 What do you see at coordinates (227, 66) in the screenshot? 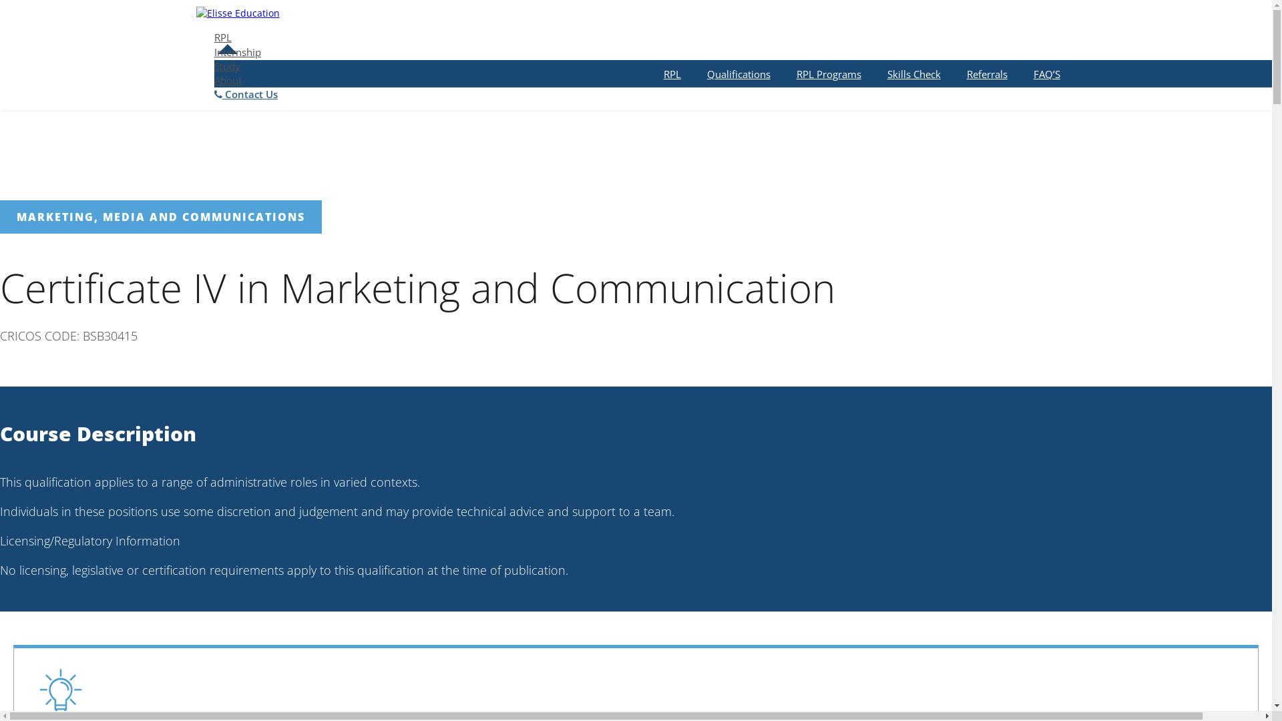
I see `'Study'` at bounding box center [227, 66].